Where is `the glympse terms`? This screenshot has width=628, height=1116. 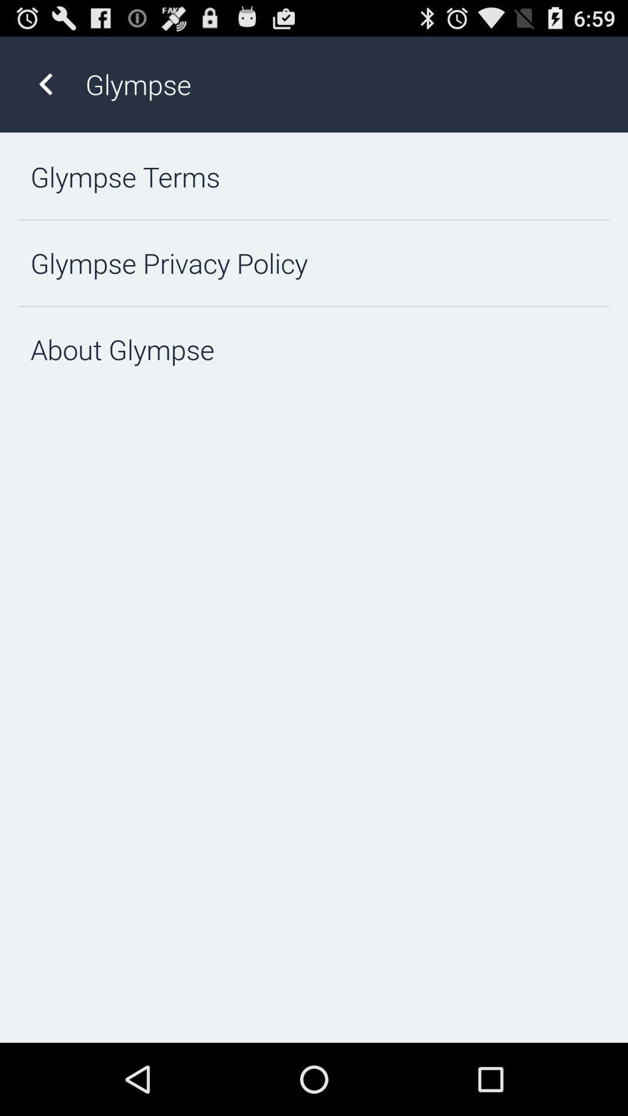 the glympse terms is located at coordinates (314, 176).